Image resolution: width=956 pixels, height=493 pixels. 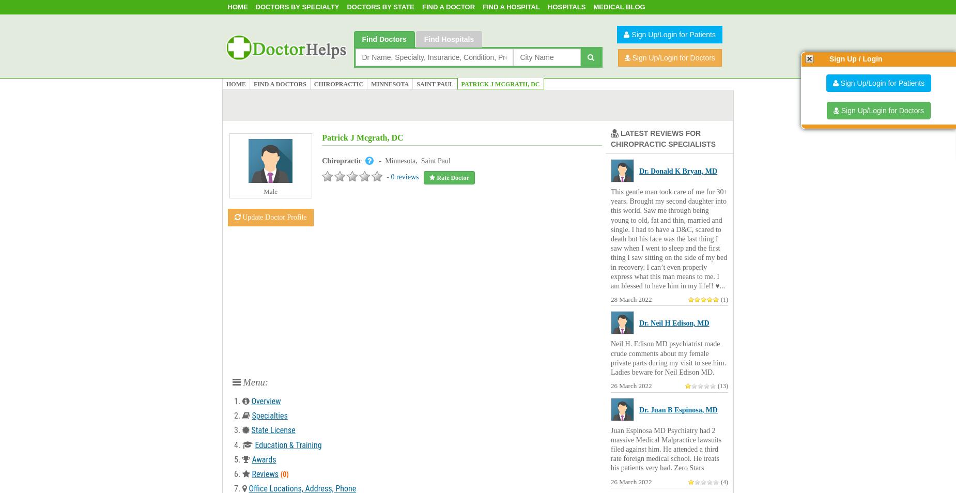 What do you see at coordinates (254, 381) in the screenshot?
I see `'Menu:'` at bounding box center [254, 381].